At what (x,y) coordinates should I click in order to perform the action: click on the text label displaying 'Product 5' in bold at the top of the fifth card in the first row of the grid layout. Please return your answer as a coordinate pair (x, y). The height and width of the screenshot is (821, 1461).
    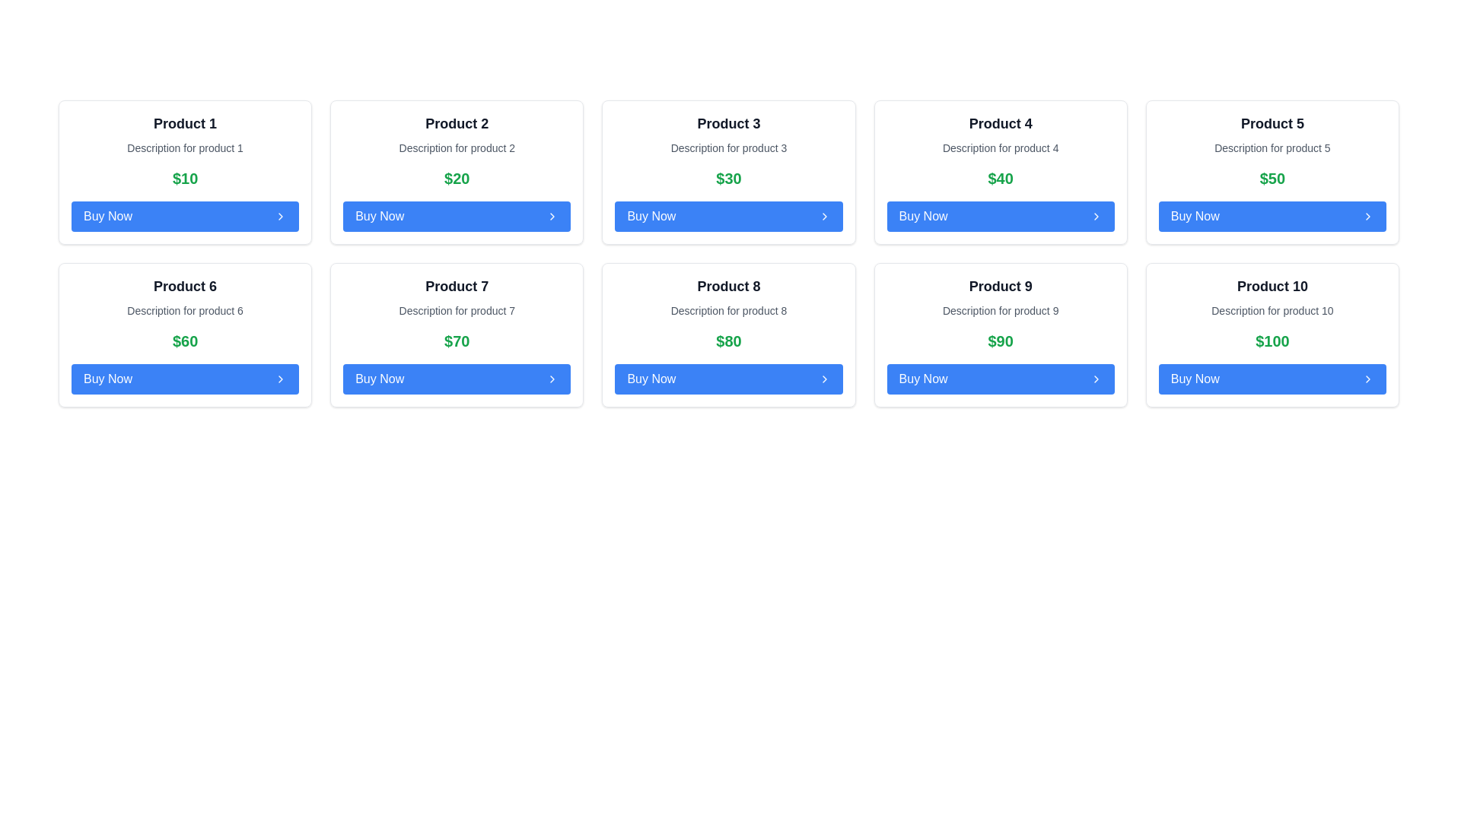
    Looking at the image, I should click on (1272, 122).